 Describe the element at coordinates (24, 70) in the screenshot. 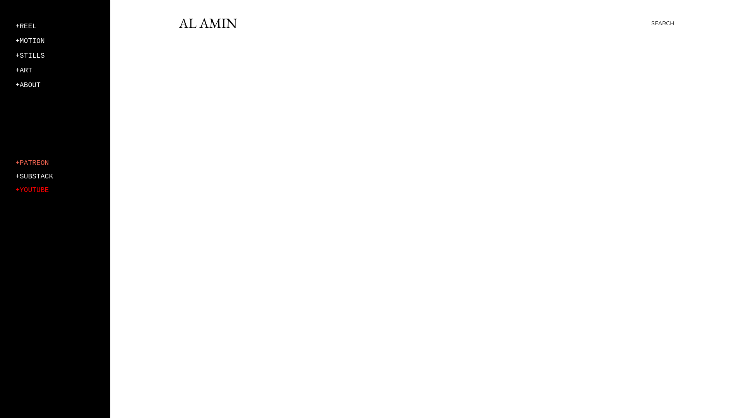

I see `'+ART'` at that location.